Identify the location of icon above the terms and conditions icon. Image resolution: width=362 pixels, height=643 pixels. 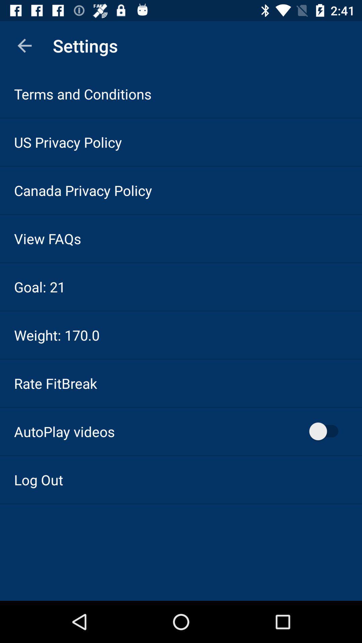
(24, 45).